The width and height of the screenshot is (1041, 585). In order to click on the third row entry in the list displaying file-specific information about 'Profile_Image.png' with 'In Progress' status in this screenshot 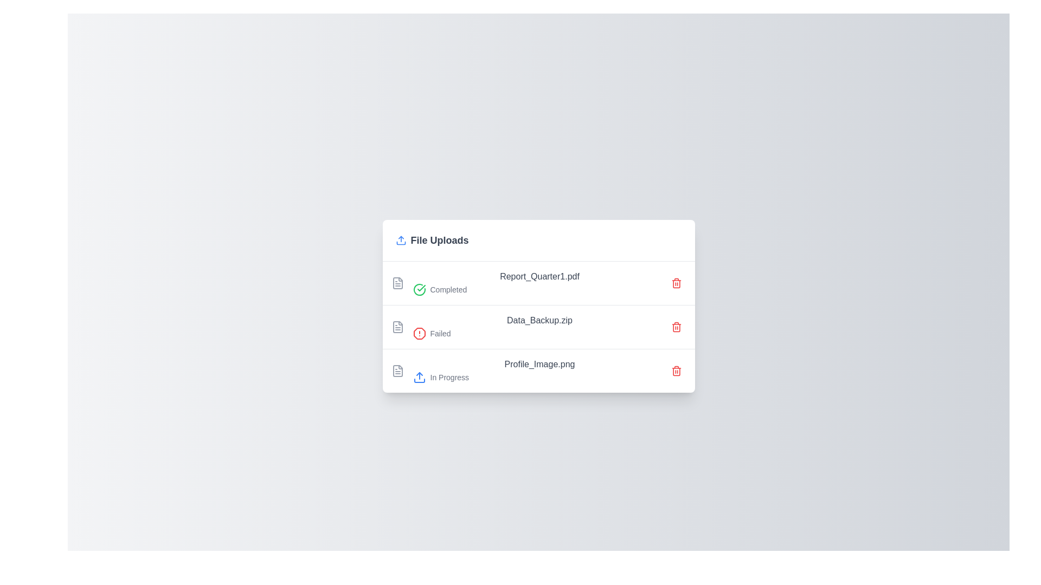, I will do `click(538, 369)`.